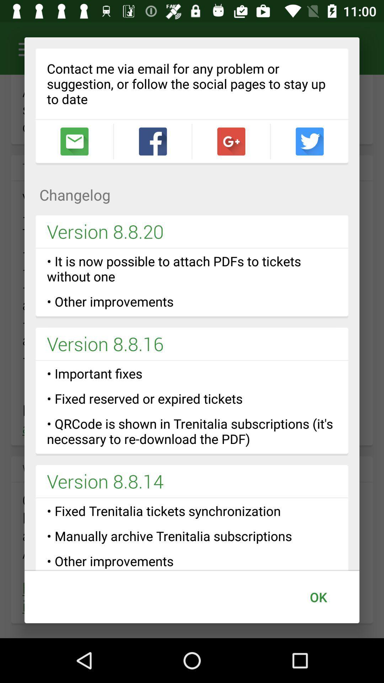 This screenshot has height=683, width=384. What do you see at coordinates (309, 141) in the screenshot?
I see `contact via twitter` at bounding box center [309, 141].